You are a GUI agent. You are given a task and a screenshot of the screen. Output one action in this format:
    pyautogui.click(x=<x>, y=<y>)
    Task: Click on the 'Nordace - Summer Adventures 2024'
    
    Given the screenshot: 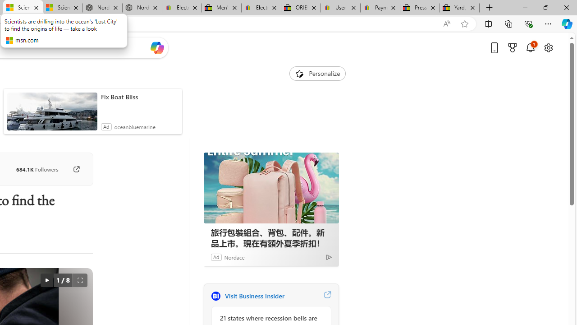 What is the action you would take?
    pyautogui.click(x=102, y=8)
    